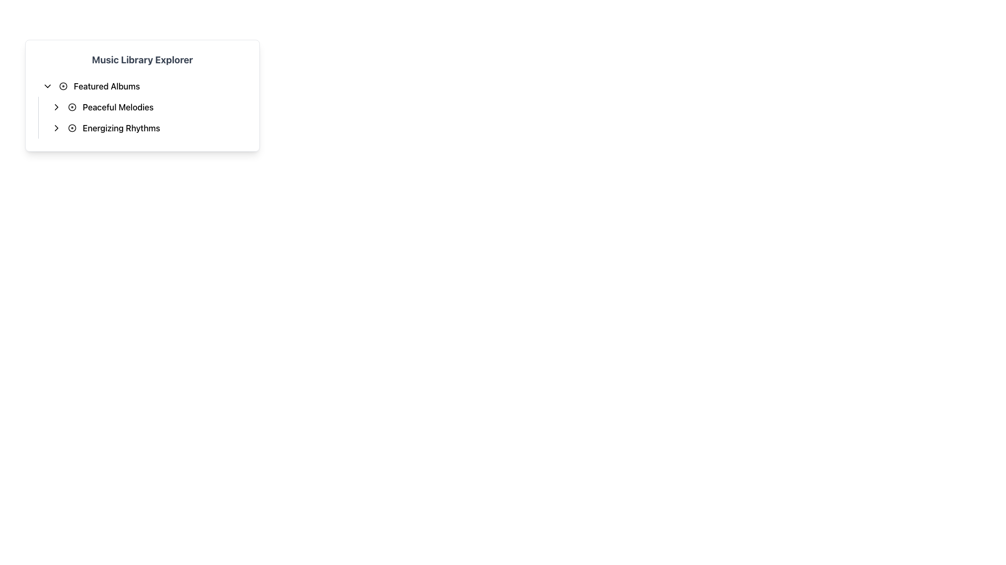  Describe the element at coordinates (72, 107) in the screenshot. I see `the decorative icon next to the text 'Peaceful Melodies'` at that location.